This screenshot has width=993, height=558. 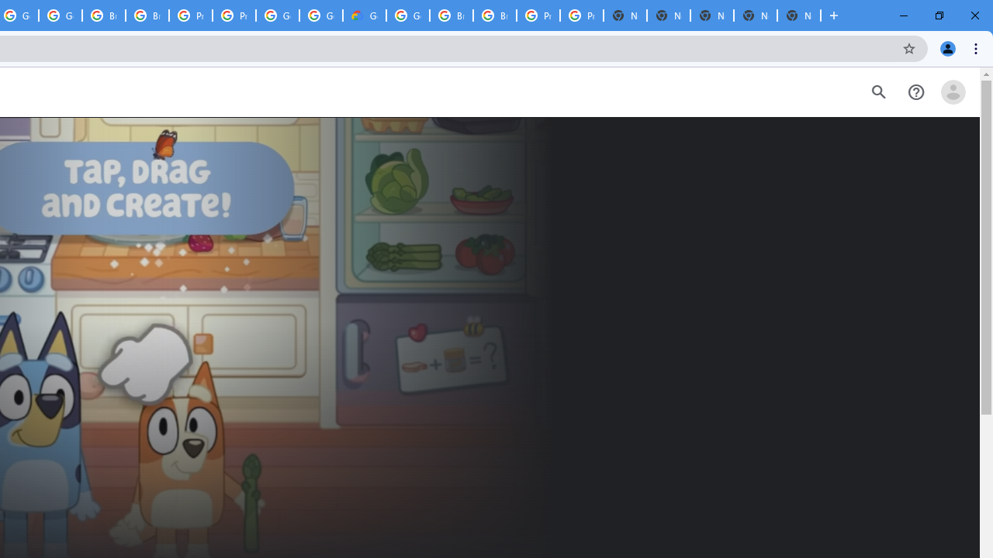 What do you see at coordinates (915, 92) in the screenshot?
I see `'Help Center'` at bounding box center [915, 92].